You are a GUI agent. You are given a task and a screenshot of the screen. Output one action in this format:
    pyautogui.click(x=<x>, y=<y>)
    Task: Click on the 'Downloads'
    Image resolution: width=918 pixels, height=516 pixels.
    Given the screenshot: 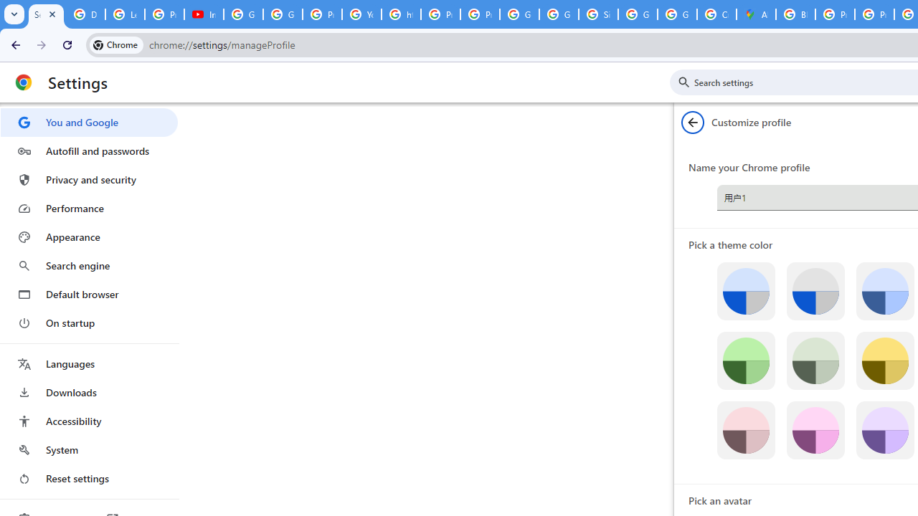 What is the action you would take?
    pyautogui.click(x=88, y=392)
    